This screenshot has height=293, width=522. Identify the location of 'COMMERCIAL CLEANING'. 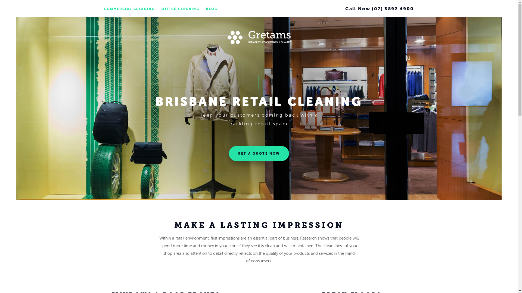
(104, 9).